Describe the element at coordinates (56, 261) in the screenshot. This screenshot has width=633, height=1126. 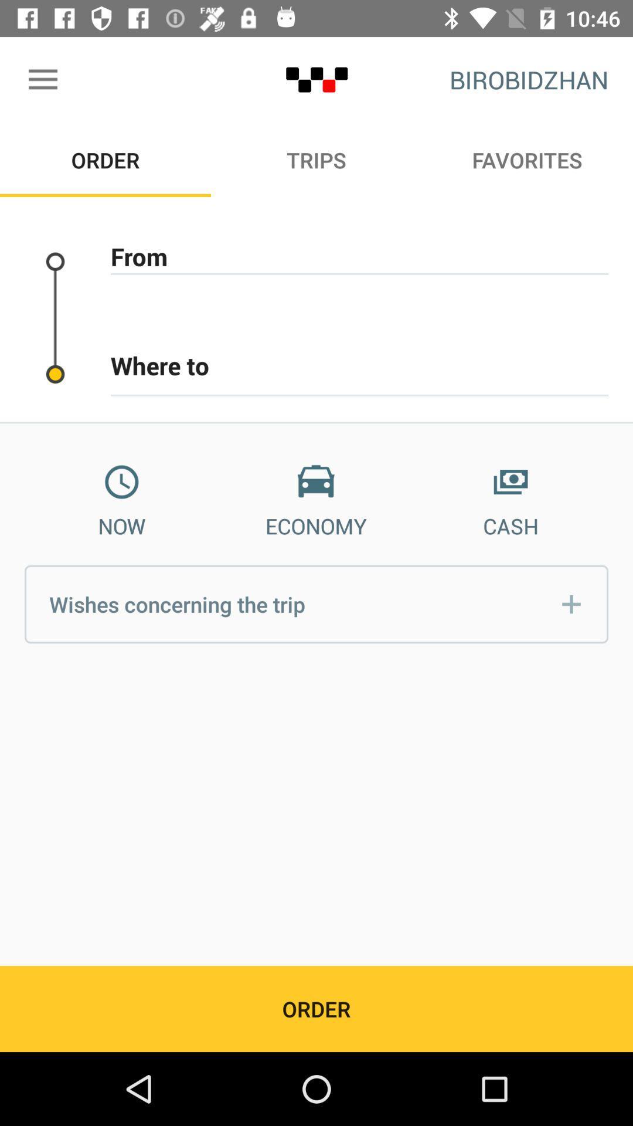
I see `the symbol which is beside from` at that location.